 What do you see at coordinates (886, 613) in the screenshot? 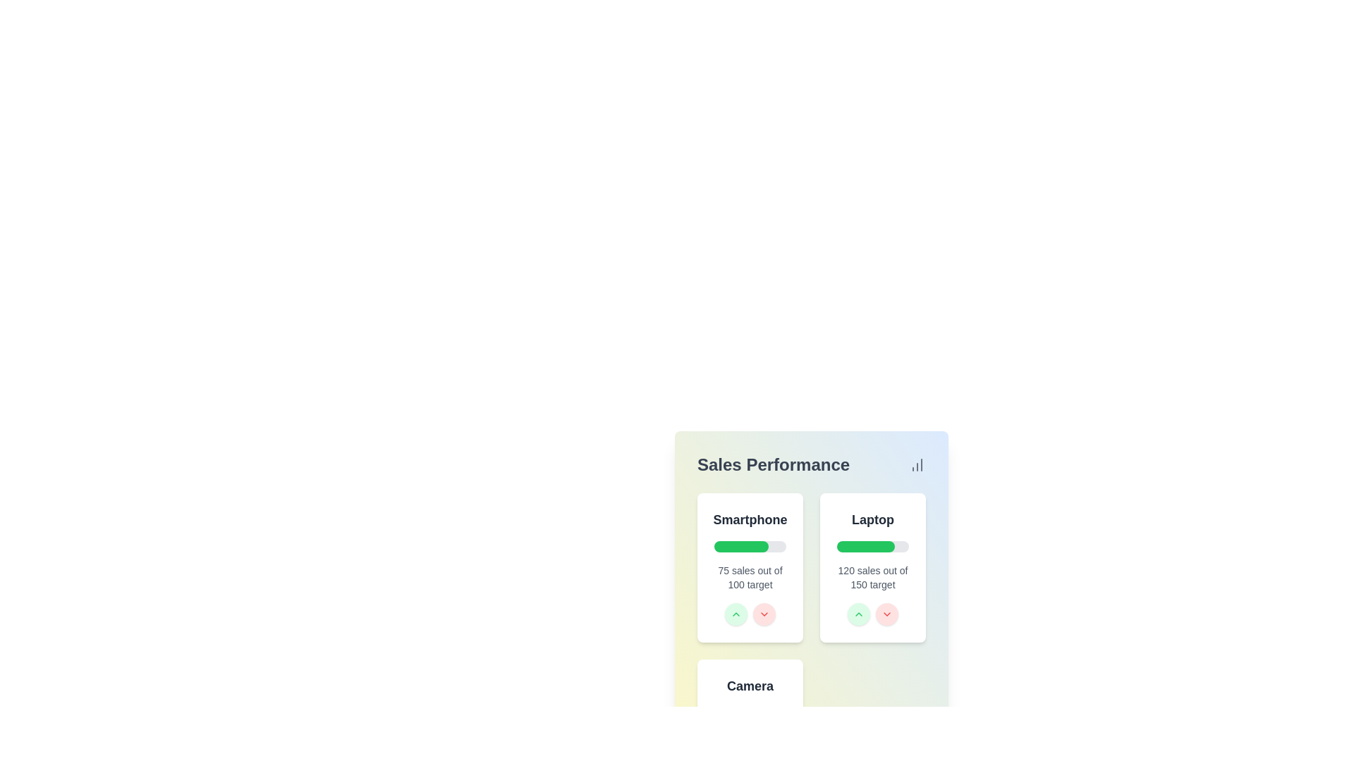
I see `the small downward-facing chevron arrow icon located within the light red circular button at the bottom-right corner of the 'Laptop' sales performance card` at bounding box center [886, 613].